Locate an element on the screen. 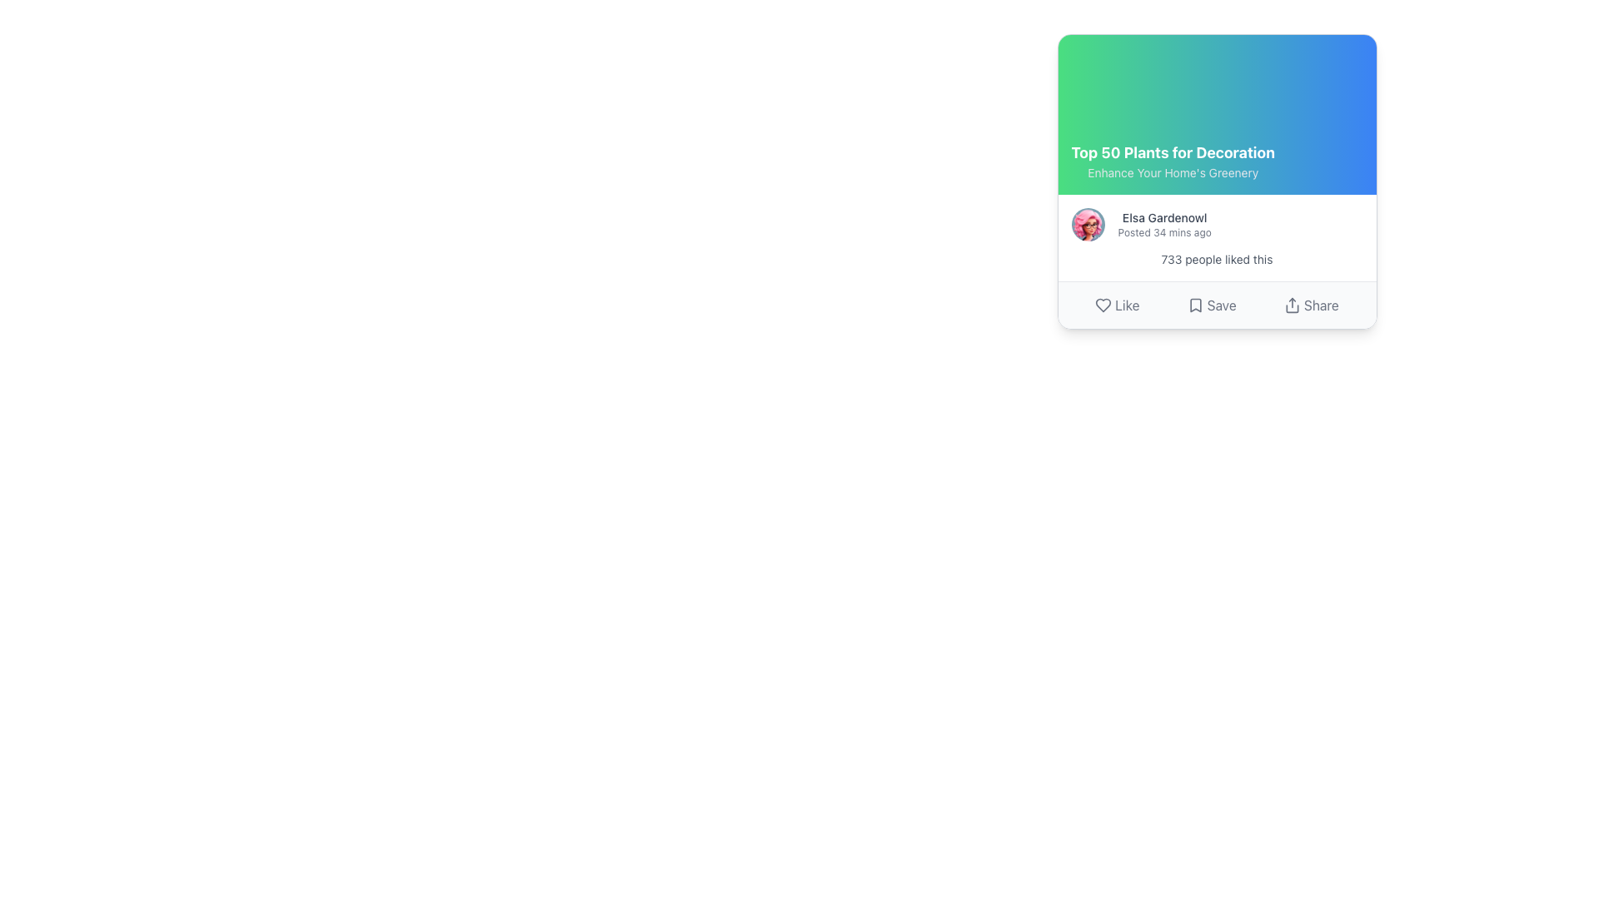 This screenshot has height=899, width=1599. the static text displaying the number of likes for the referenced content, located beneath the 'Elsa Gardenowl Posted 34 mins ago' text component is located at coordinates (1217, 260).